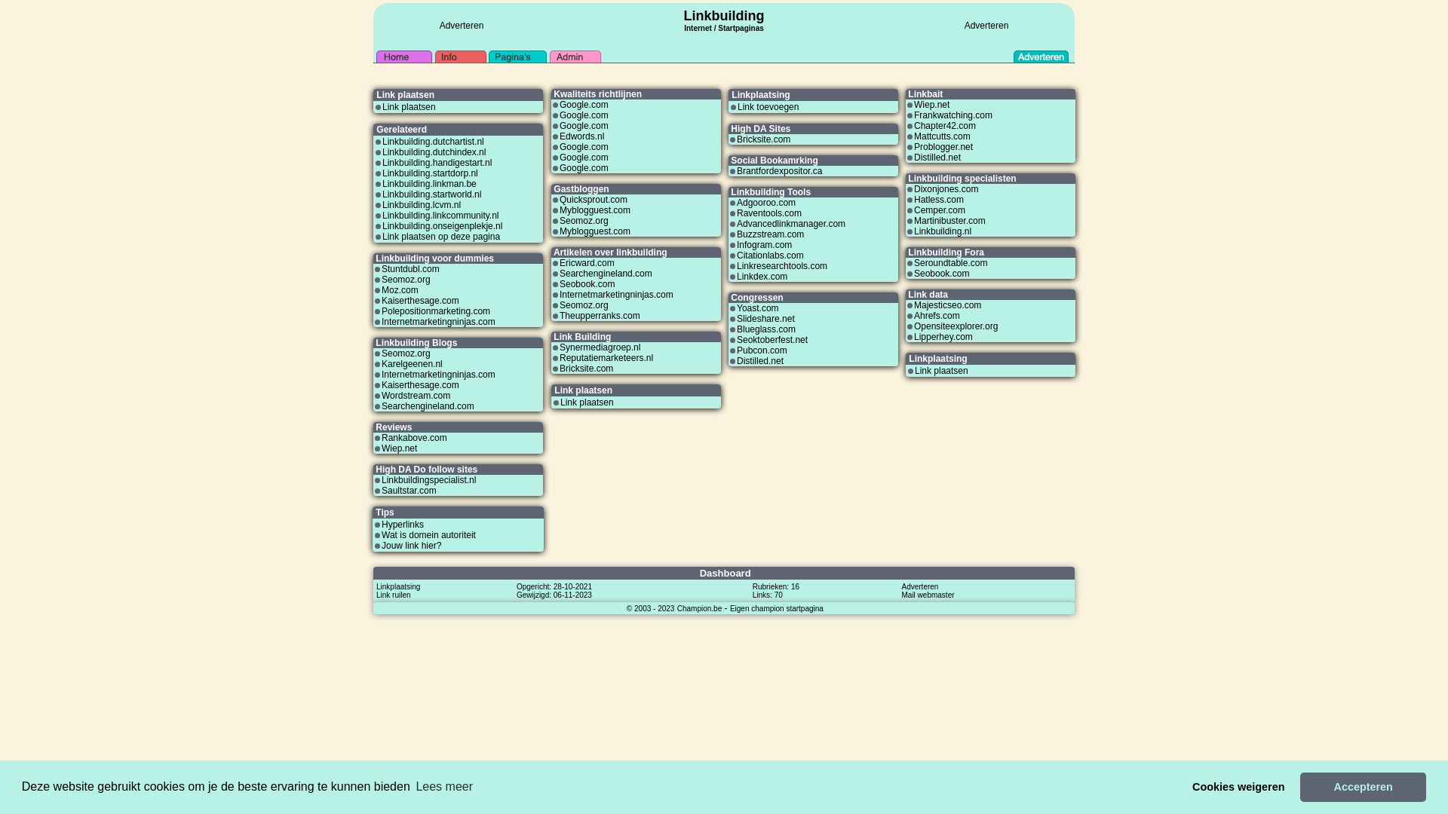 This screenshot has width=1448, height=814. I want to click on 'Majesticseo.com', so click(946, 305).